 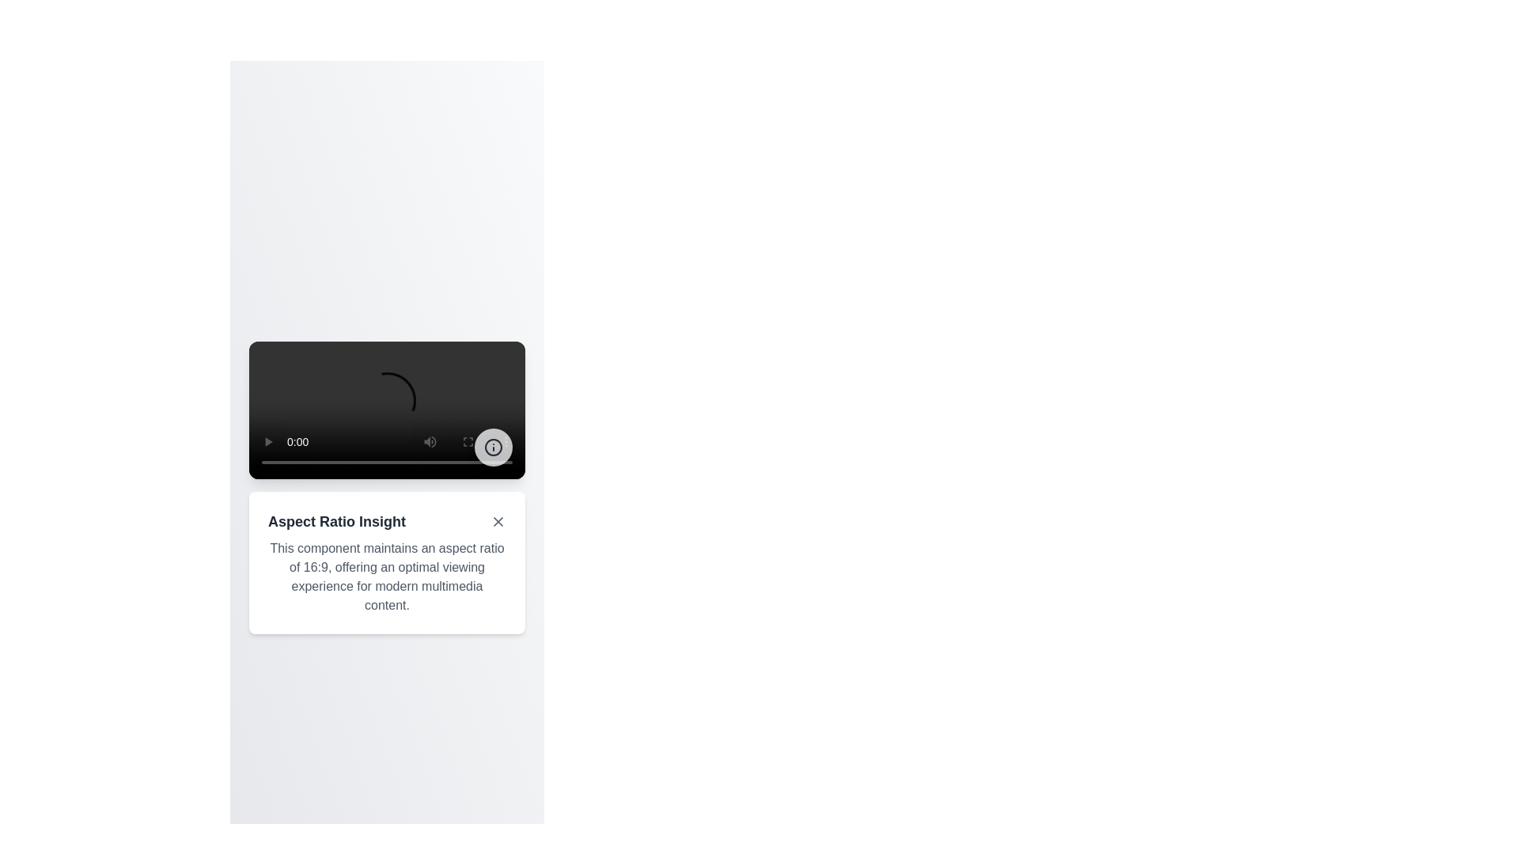 What do you see at coordinates (493, 448) in the screenshot?
I see `the circular icon with an 'i' symbol inside, located at the bottom-right corner of the interface` at bounding box center [493, 448].